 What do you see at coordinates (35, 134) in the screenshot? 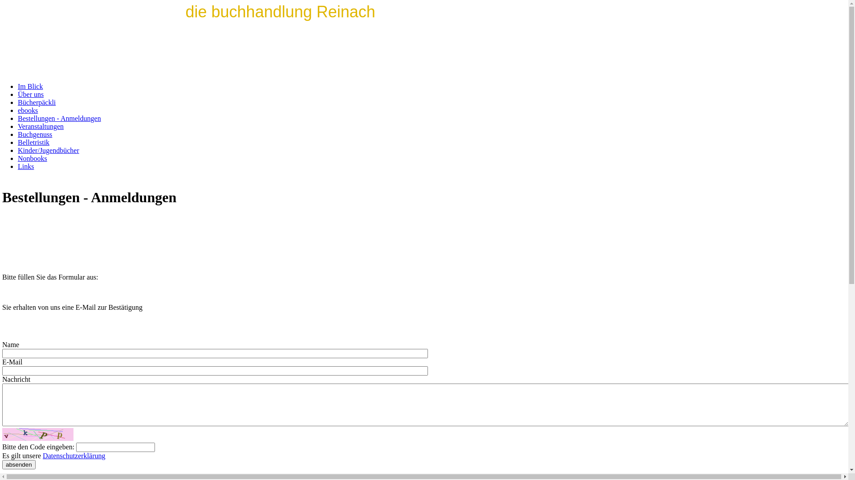
I see `'Buchgenuss'` at bounding box center [35, 134].